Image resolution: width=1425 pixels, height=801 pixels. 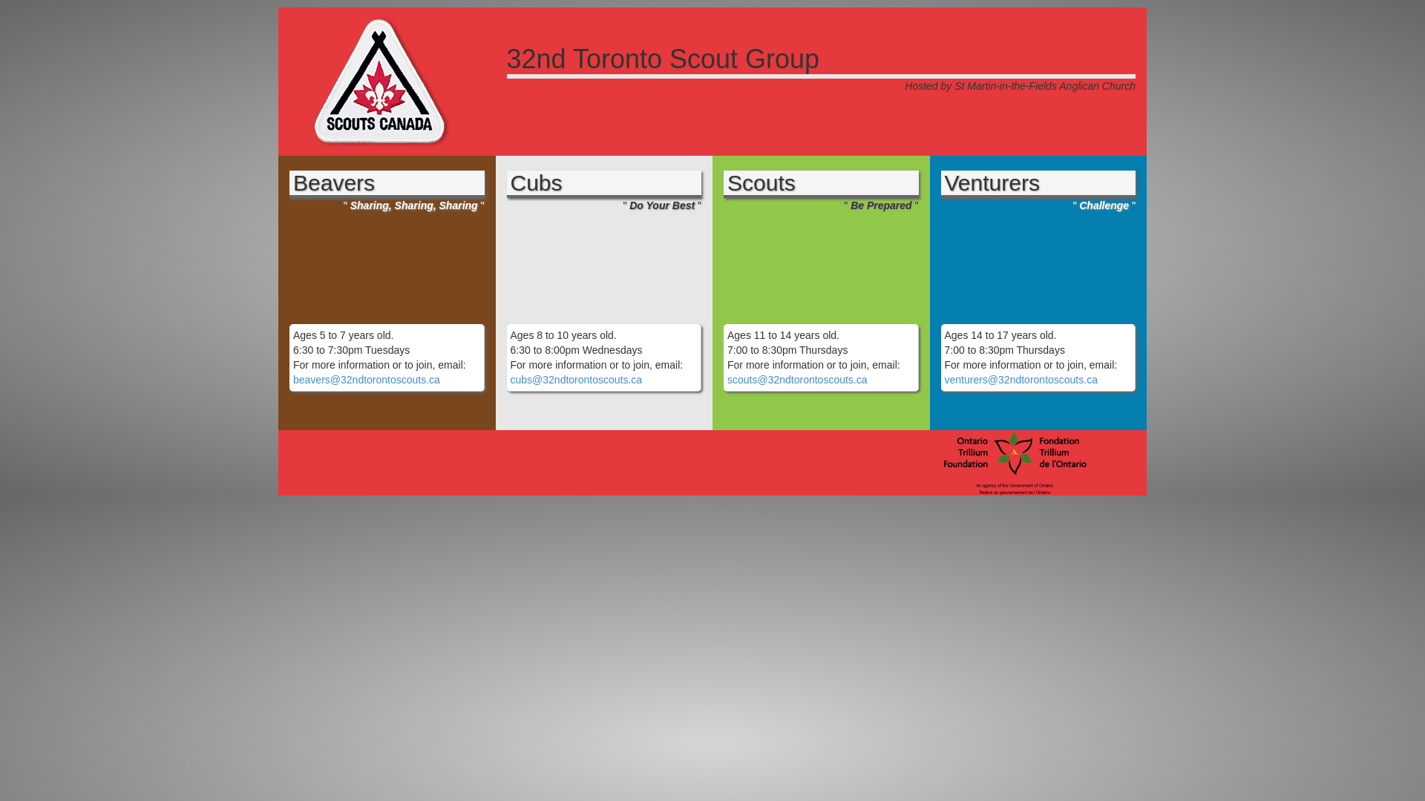 What do you see at coordinates (367, 379) in the screenshot?
I see `'beavers@32ndtorontoscouts.ca'` at bounding box center [367, 379].